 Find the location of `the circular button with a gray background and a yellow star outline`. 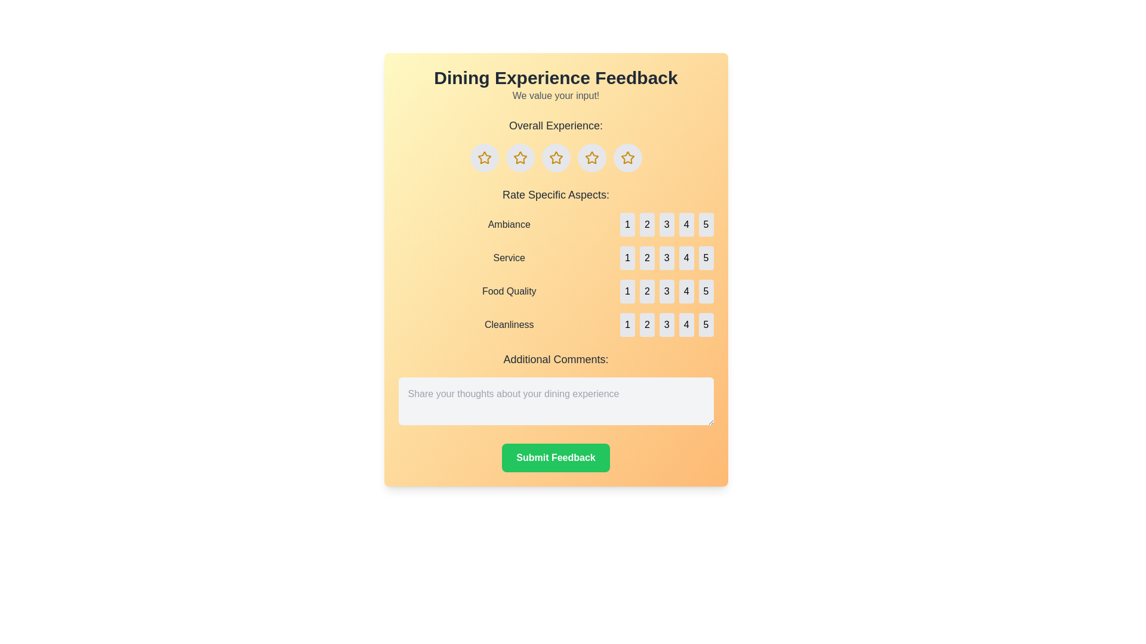

the circular button with a gray background and a yellow star outline is located at coordinates (484, 157).